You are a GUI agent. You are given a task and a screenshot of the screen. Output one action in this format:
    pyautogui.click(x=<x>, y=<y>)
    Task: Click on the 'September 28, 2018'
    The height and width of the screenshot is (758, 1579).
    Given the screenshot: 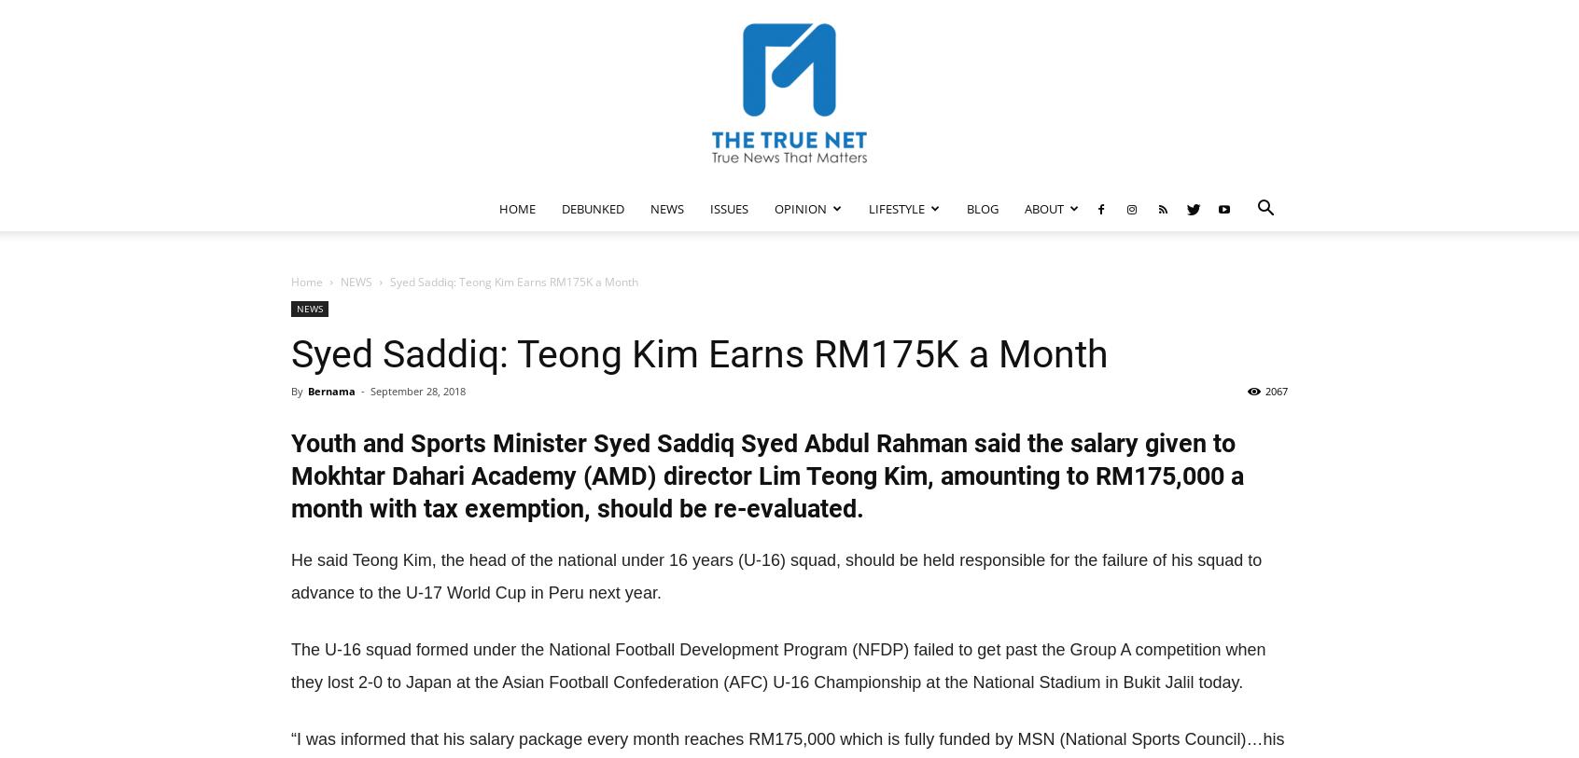 What is the action you would take?
    pyautogui.click(x=370, y=391)
    